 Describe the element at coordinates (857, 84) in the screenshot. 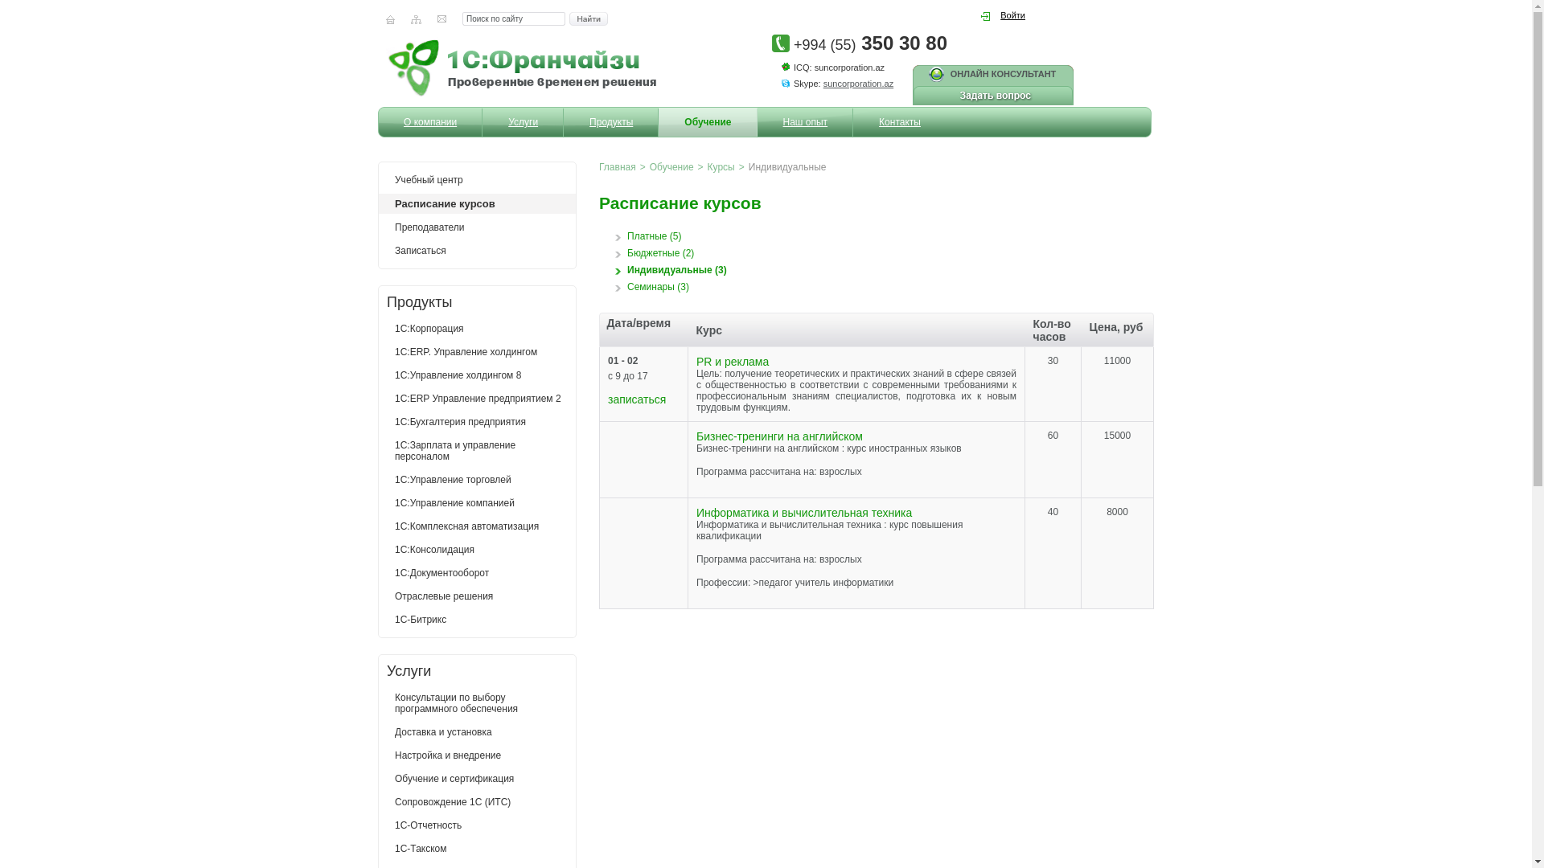

I see `'suncorporation.az'` at that location.